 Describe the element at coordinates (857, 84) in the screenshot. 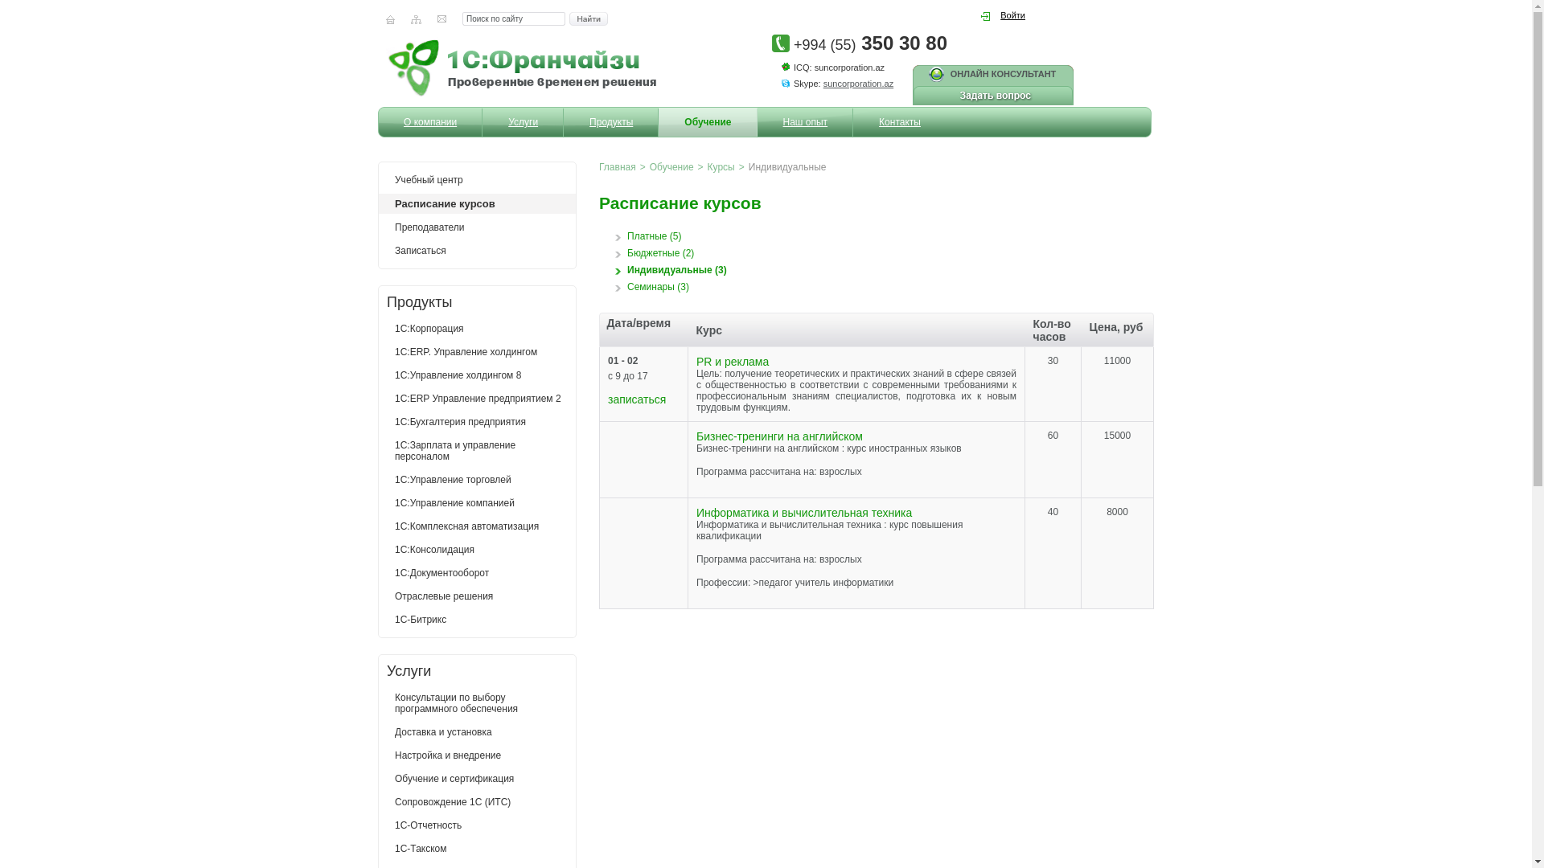

I see `'suncorporation.az'` at that location.